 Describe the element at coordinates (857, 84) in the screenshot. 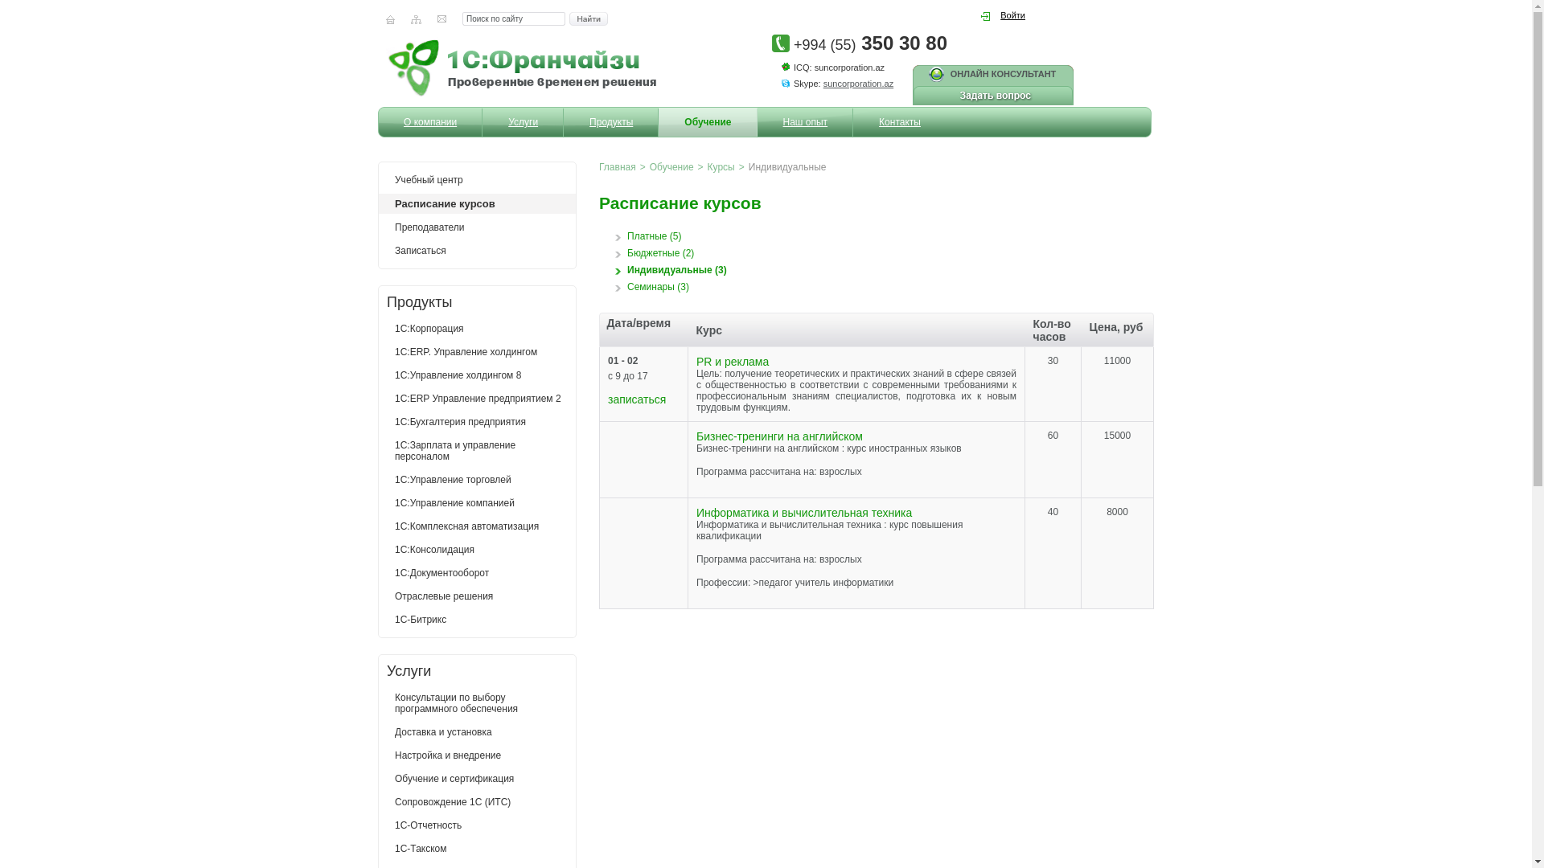

I see `'suncorporation.az'` at that location.